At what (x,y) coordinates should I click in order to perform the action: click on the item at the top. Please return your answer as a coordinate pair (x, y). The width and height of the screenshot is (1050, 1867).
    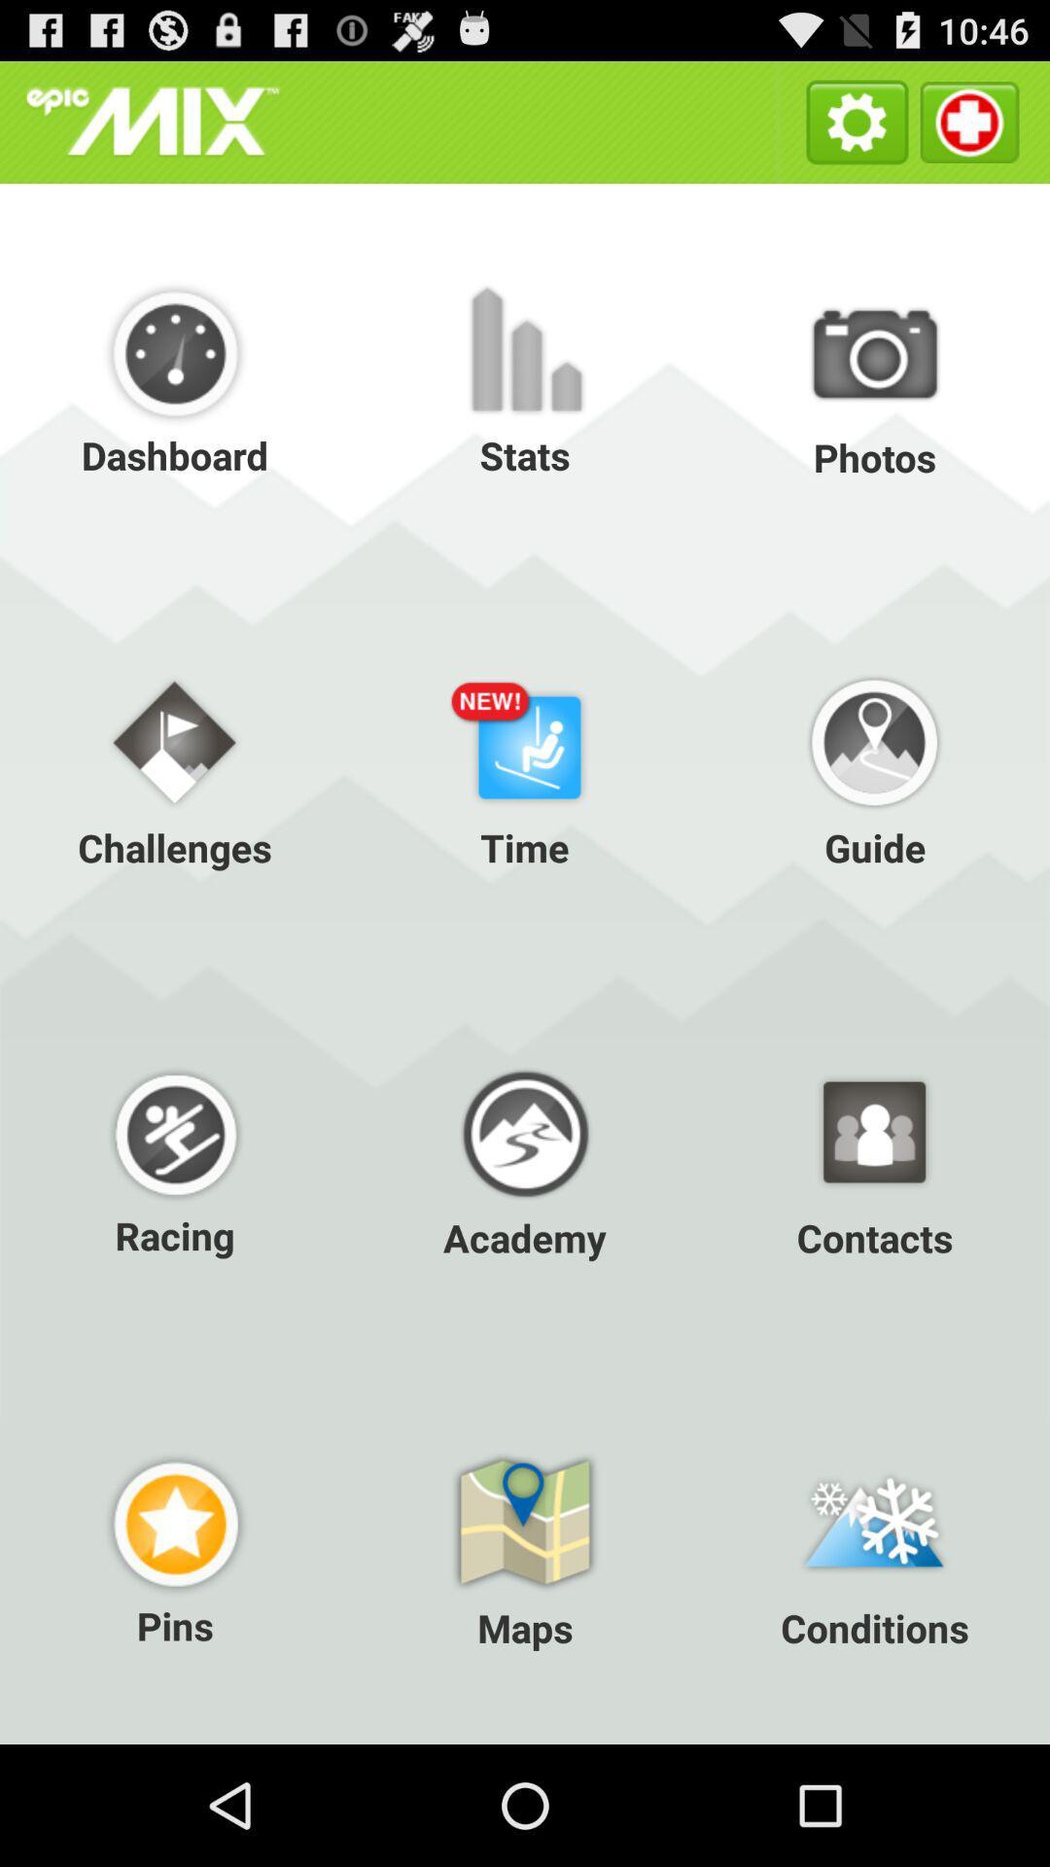
    Looking at the image, I should click on (525, 378).